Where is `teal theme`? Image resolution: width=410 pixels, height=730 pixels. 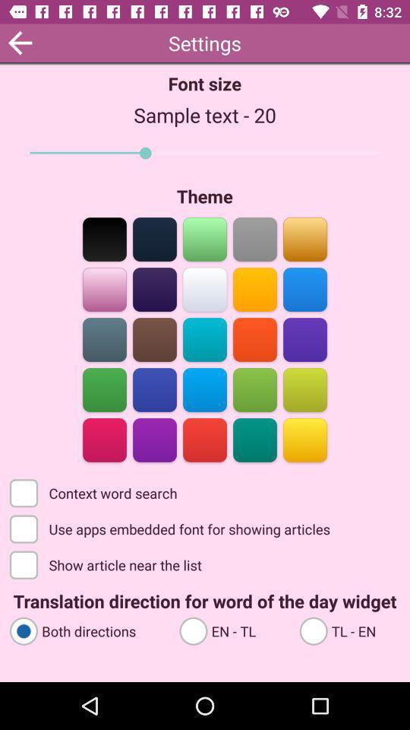 teal theme is located at coordinates (205, 338).